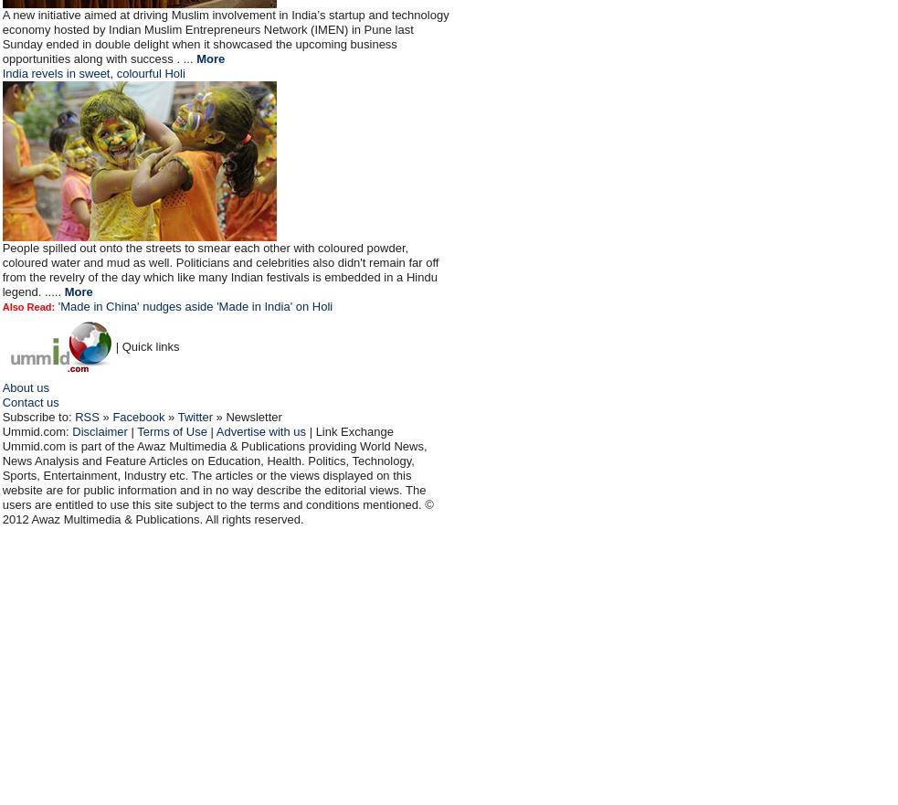 This screenshot has width=898, height=805. What do you see at coordinates (85, 417) in the screenshot?
I see `'RSS'` at bounding box center [85, 417].